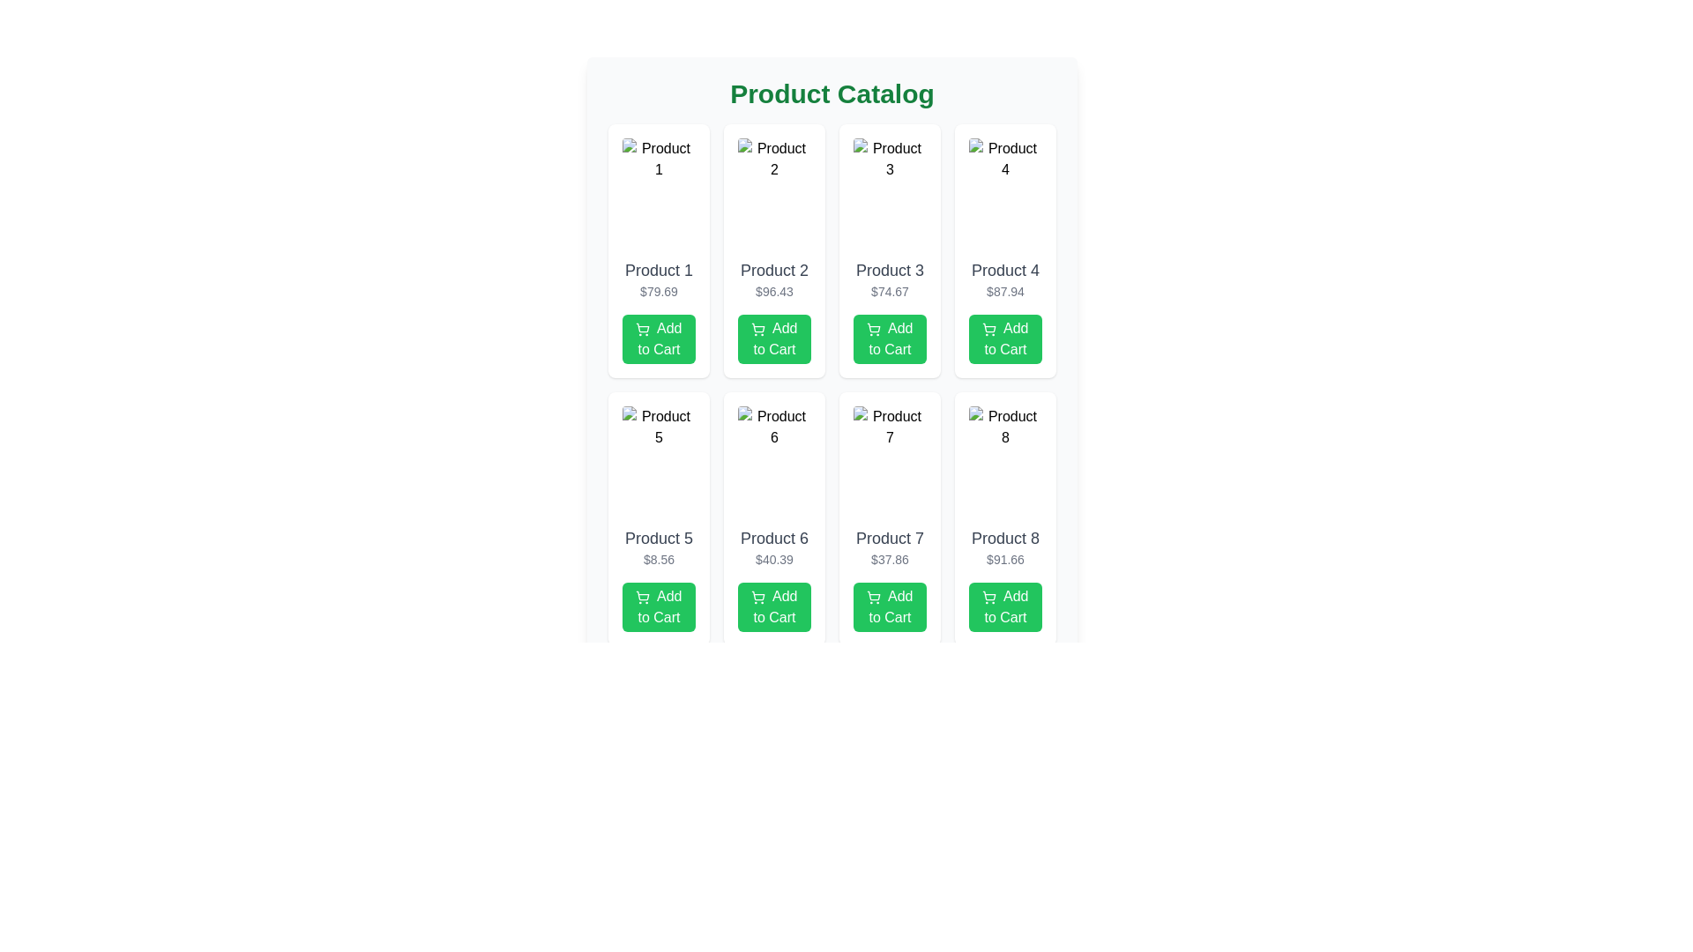  I want to click on the text label displaying the product name in the second card of the grid layout, so click(774, 271).